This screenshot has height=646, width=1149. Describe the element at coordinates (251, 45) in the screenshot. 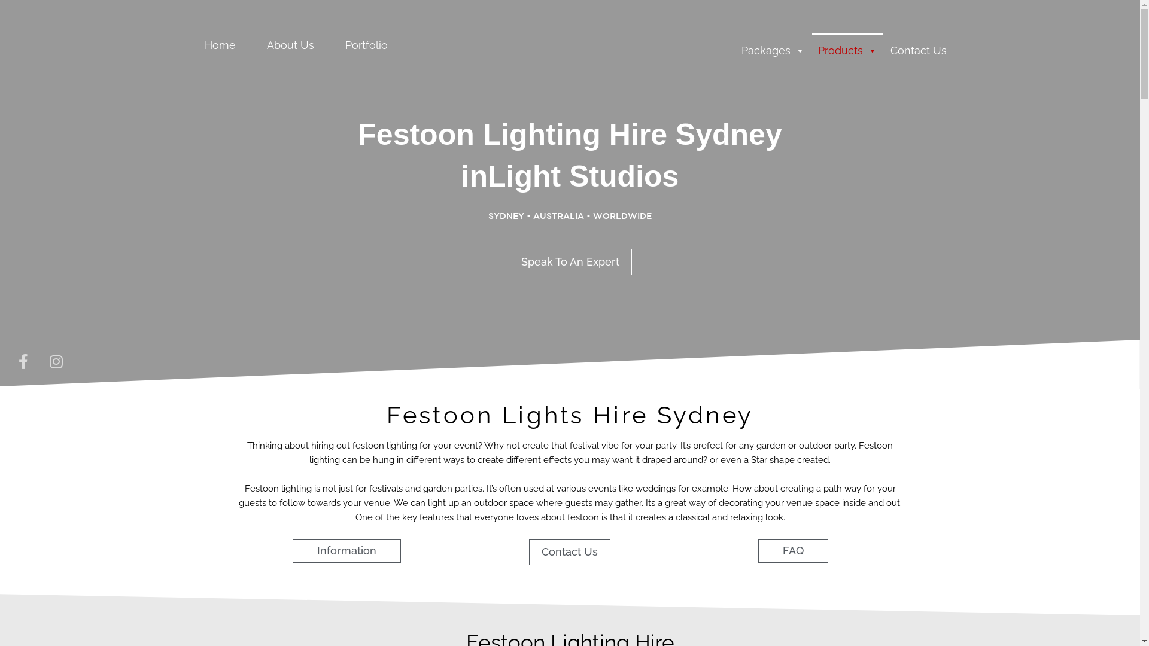

I see `'About Us'` at that location.